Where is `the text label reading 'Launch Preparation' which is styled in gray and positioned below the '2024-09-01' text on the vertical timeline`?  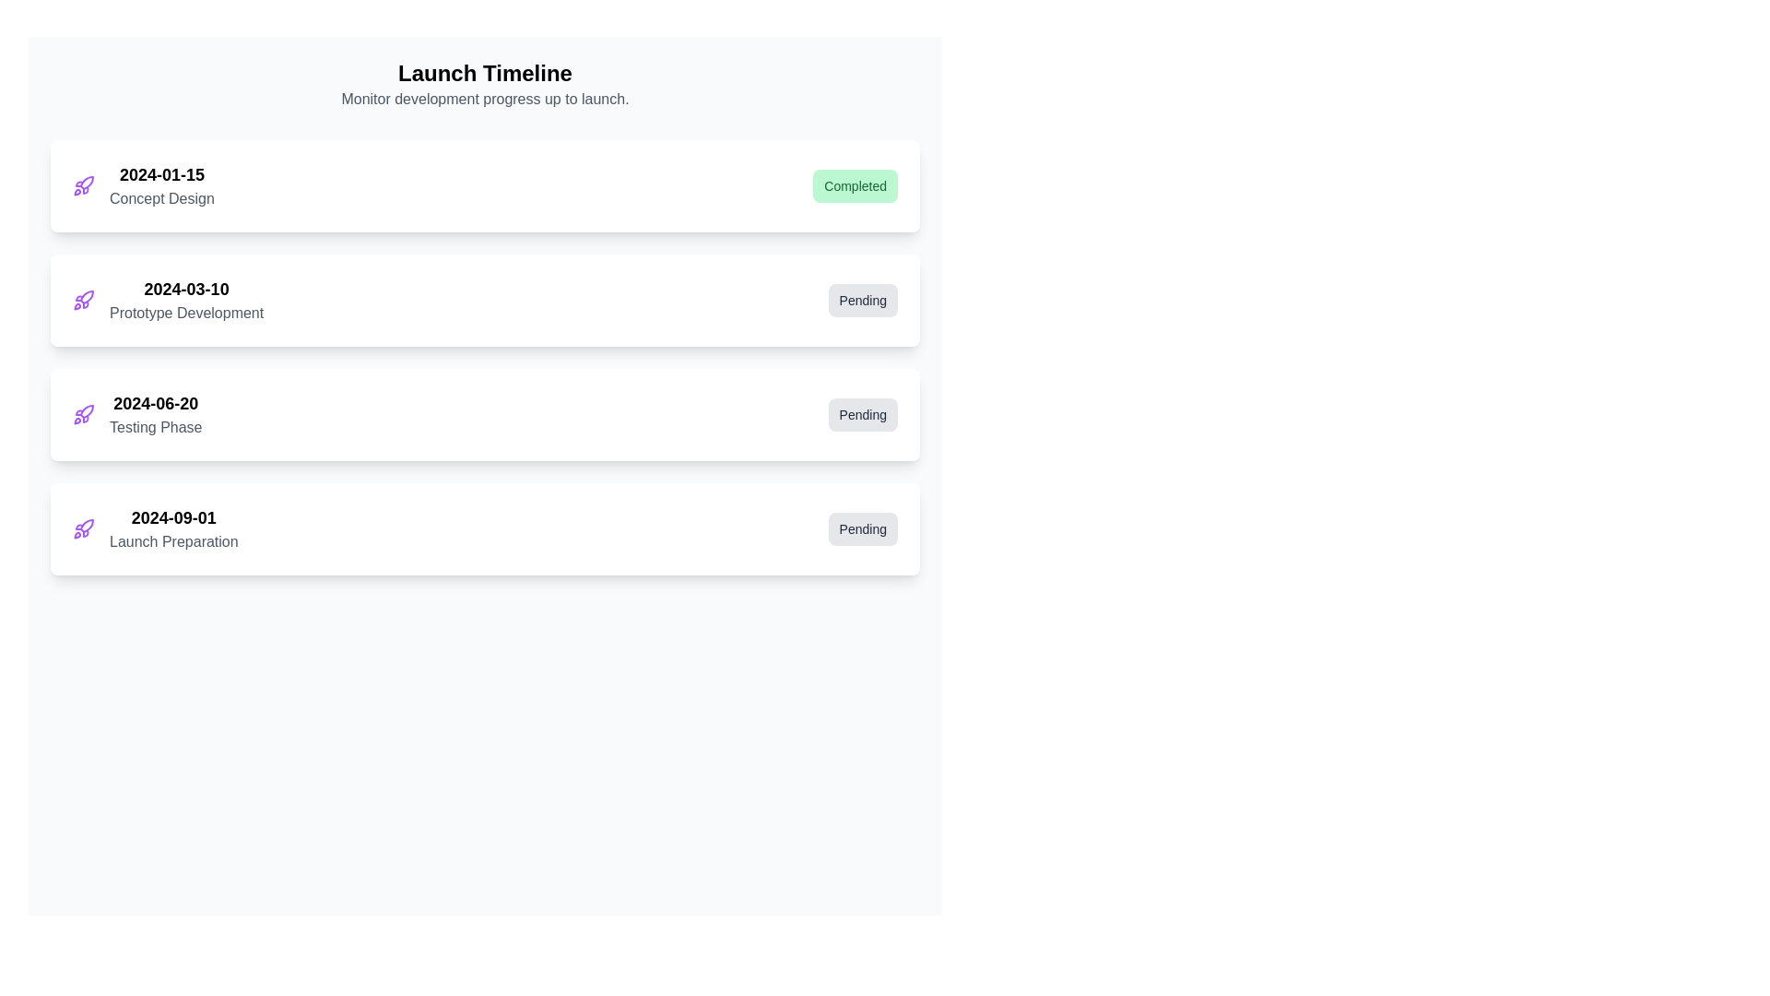
the text label reading 'Launch Preparation' which is styled in gray and positioned below the '2024-09-01' text on the vertical timeline is located at coordinates (173, 540).